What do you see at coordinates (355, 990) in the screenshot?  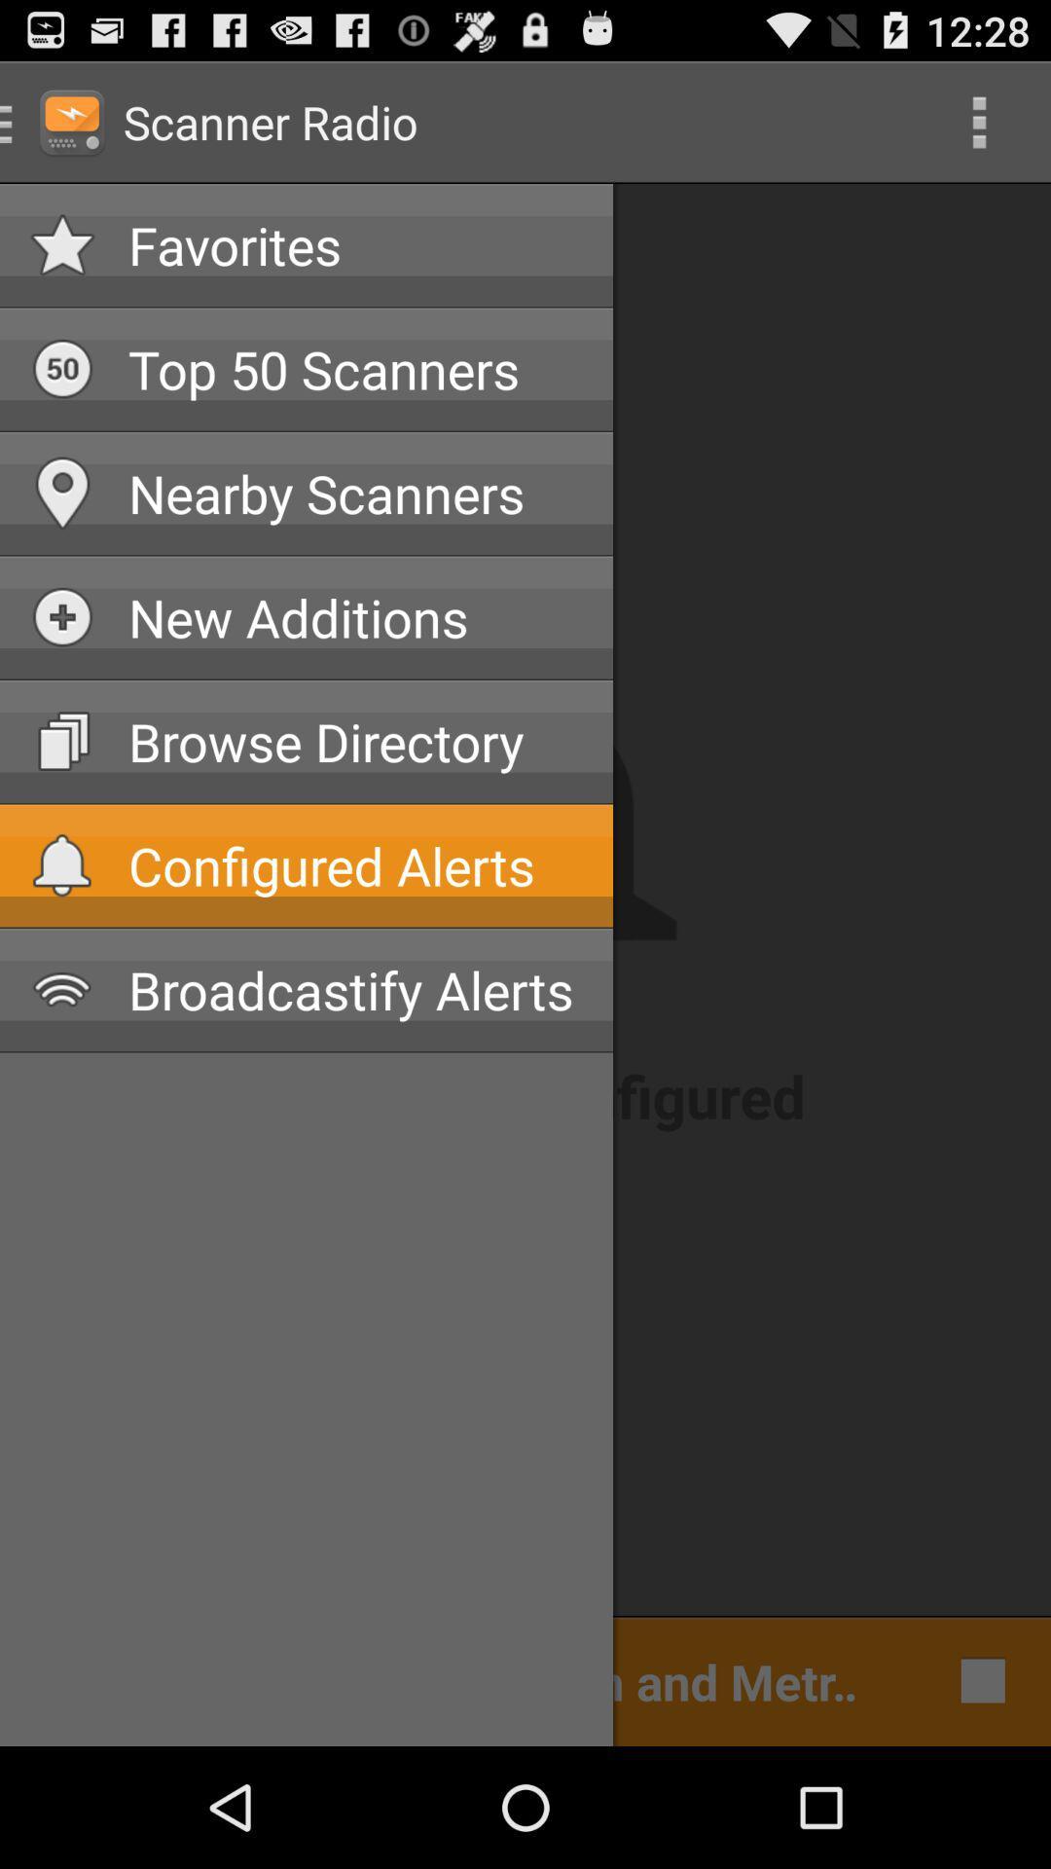 I see `the app above the no alerts configured` at bounding box center [355, 990].